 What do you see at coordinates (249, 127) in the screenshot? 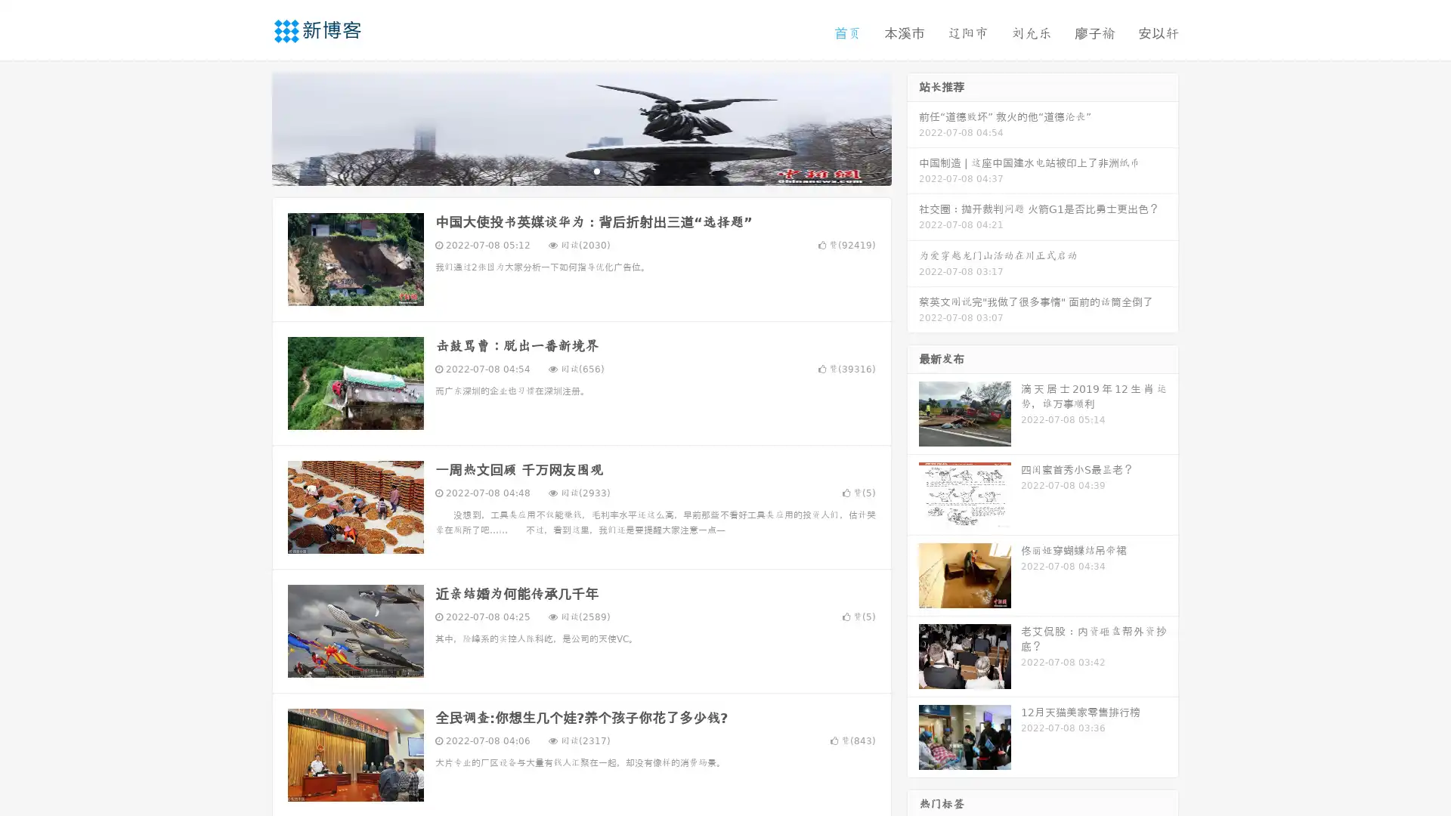
I see `Previous slide` at bounding box center [249, 127].